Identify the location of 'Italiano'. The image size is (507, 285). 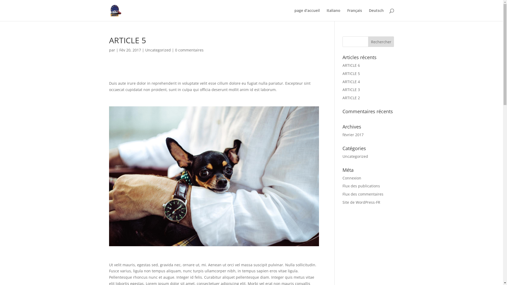
(333, 15).